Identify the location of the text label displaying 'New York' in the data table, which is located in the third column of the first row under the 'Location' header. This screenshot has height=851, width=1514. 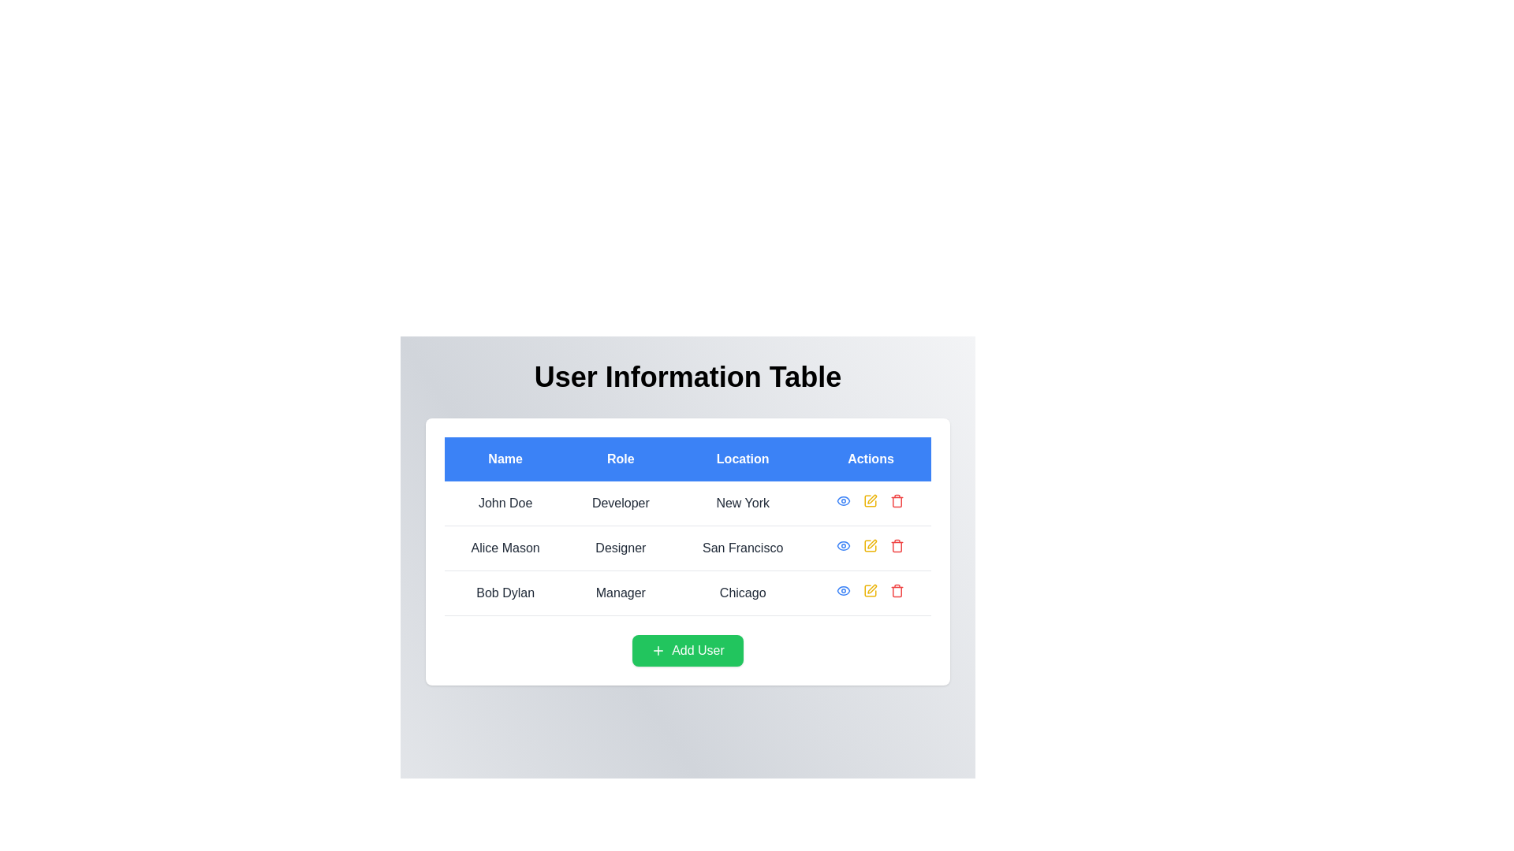
(742, 504).